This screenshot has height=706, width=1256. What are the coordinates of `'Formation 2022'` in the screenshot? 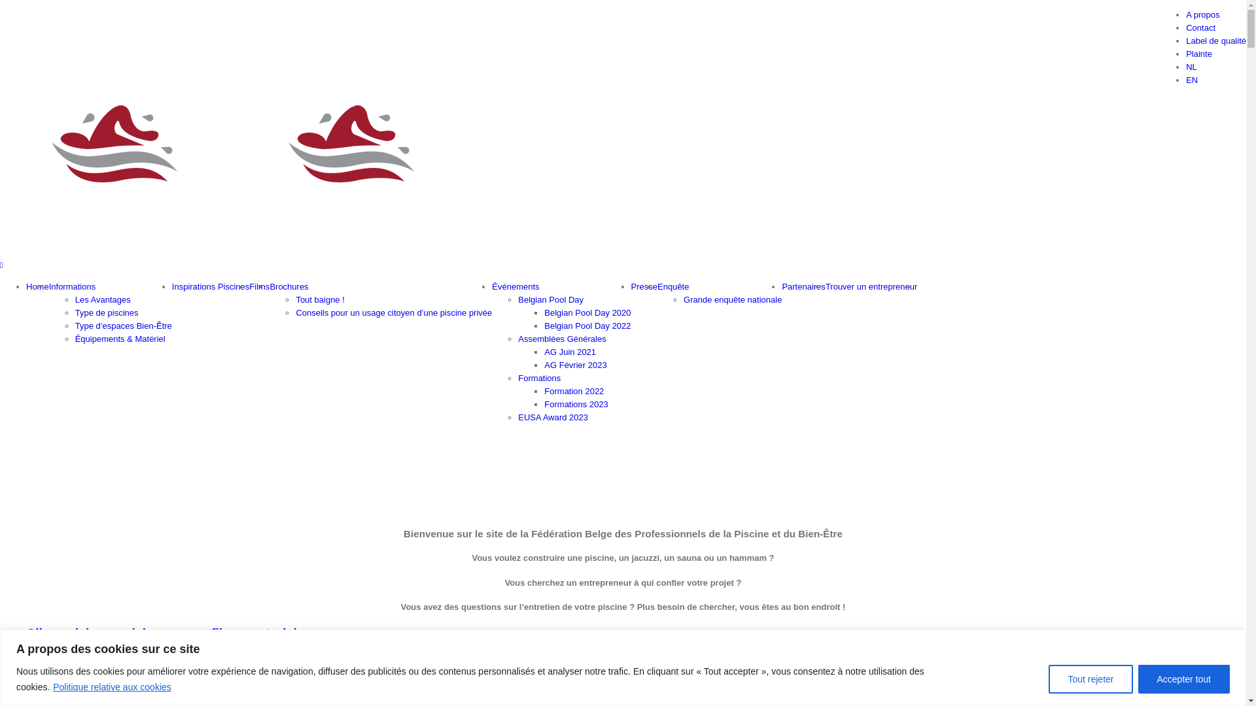 It's located at (574, 390).